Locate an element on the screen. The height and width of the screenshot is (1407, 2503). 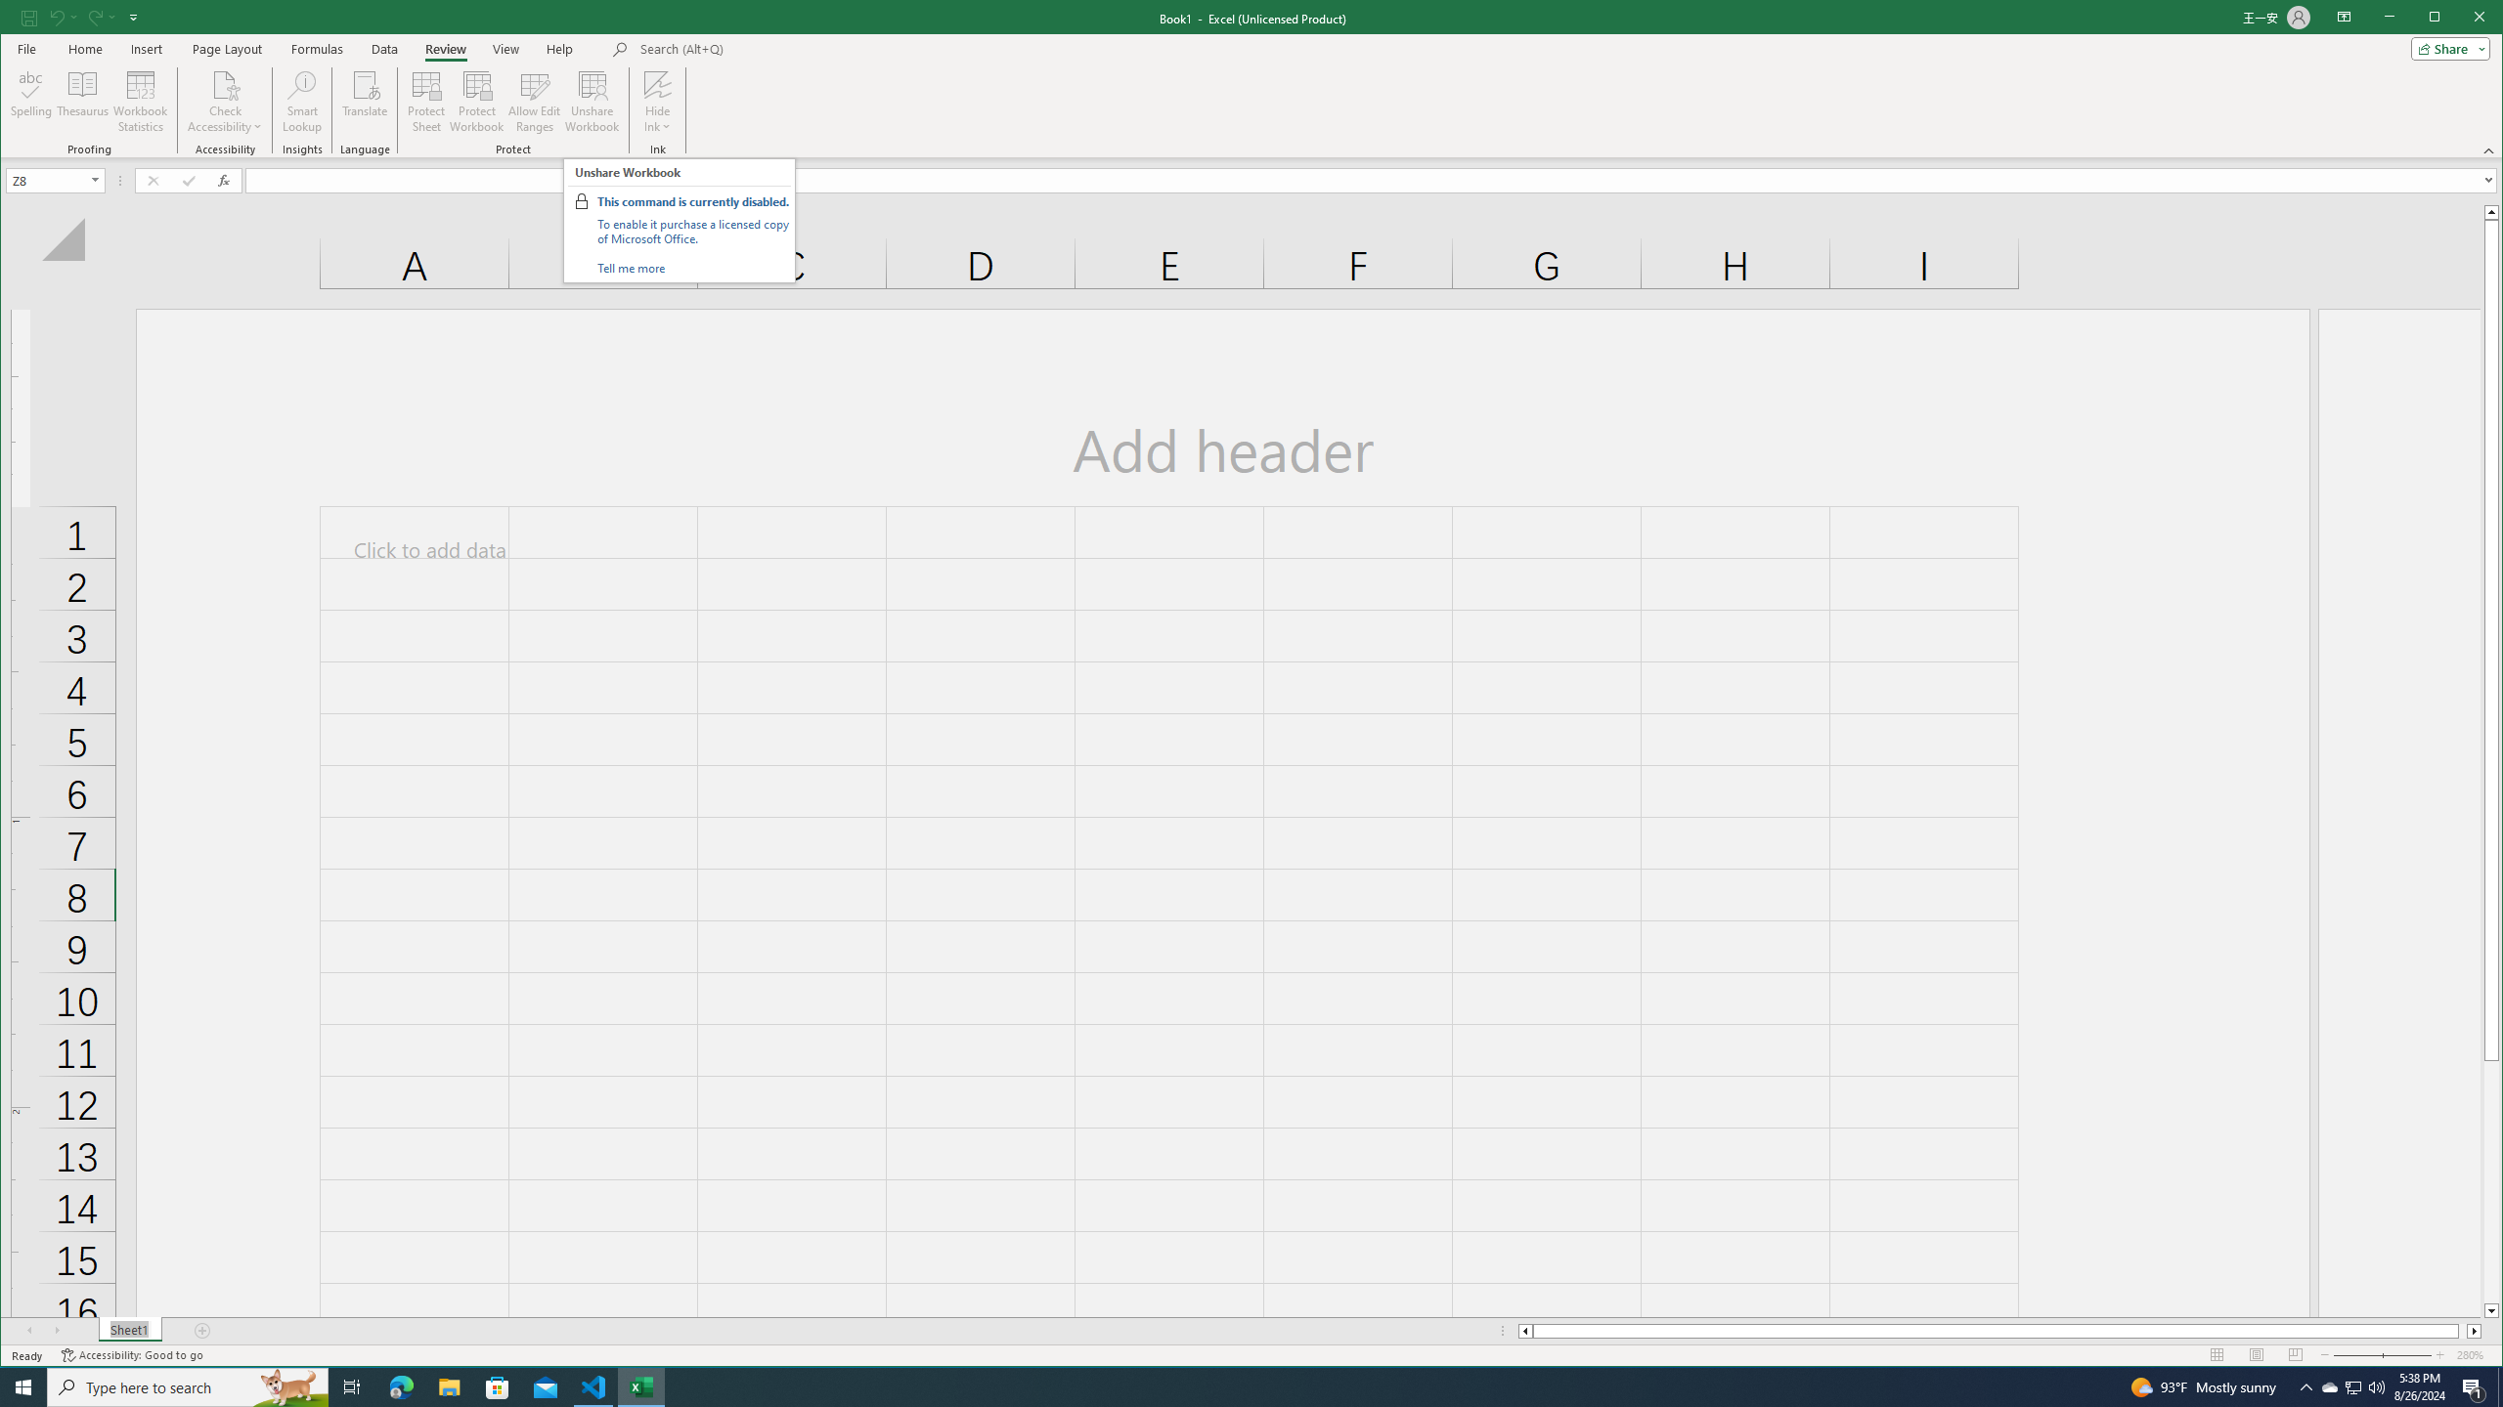
'User Promoted Notification Area' is located at coordinates (2351, 1386).